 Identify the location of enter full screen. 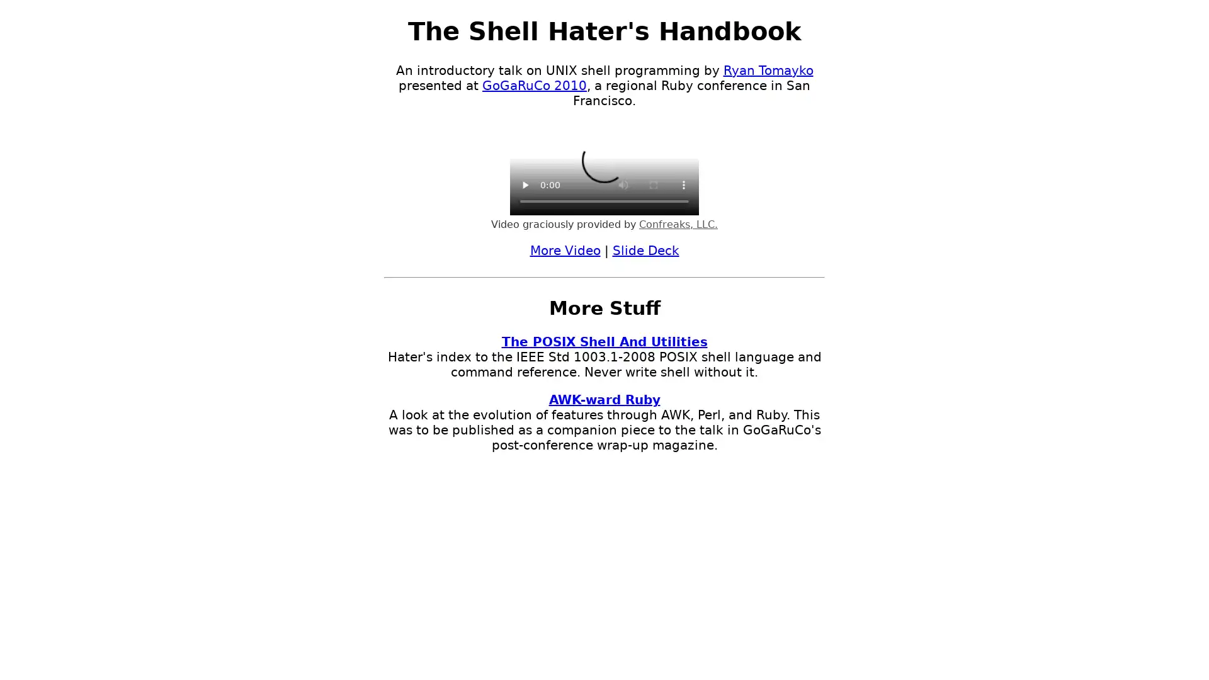
(653, 184).